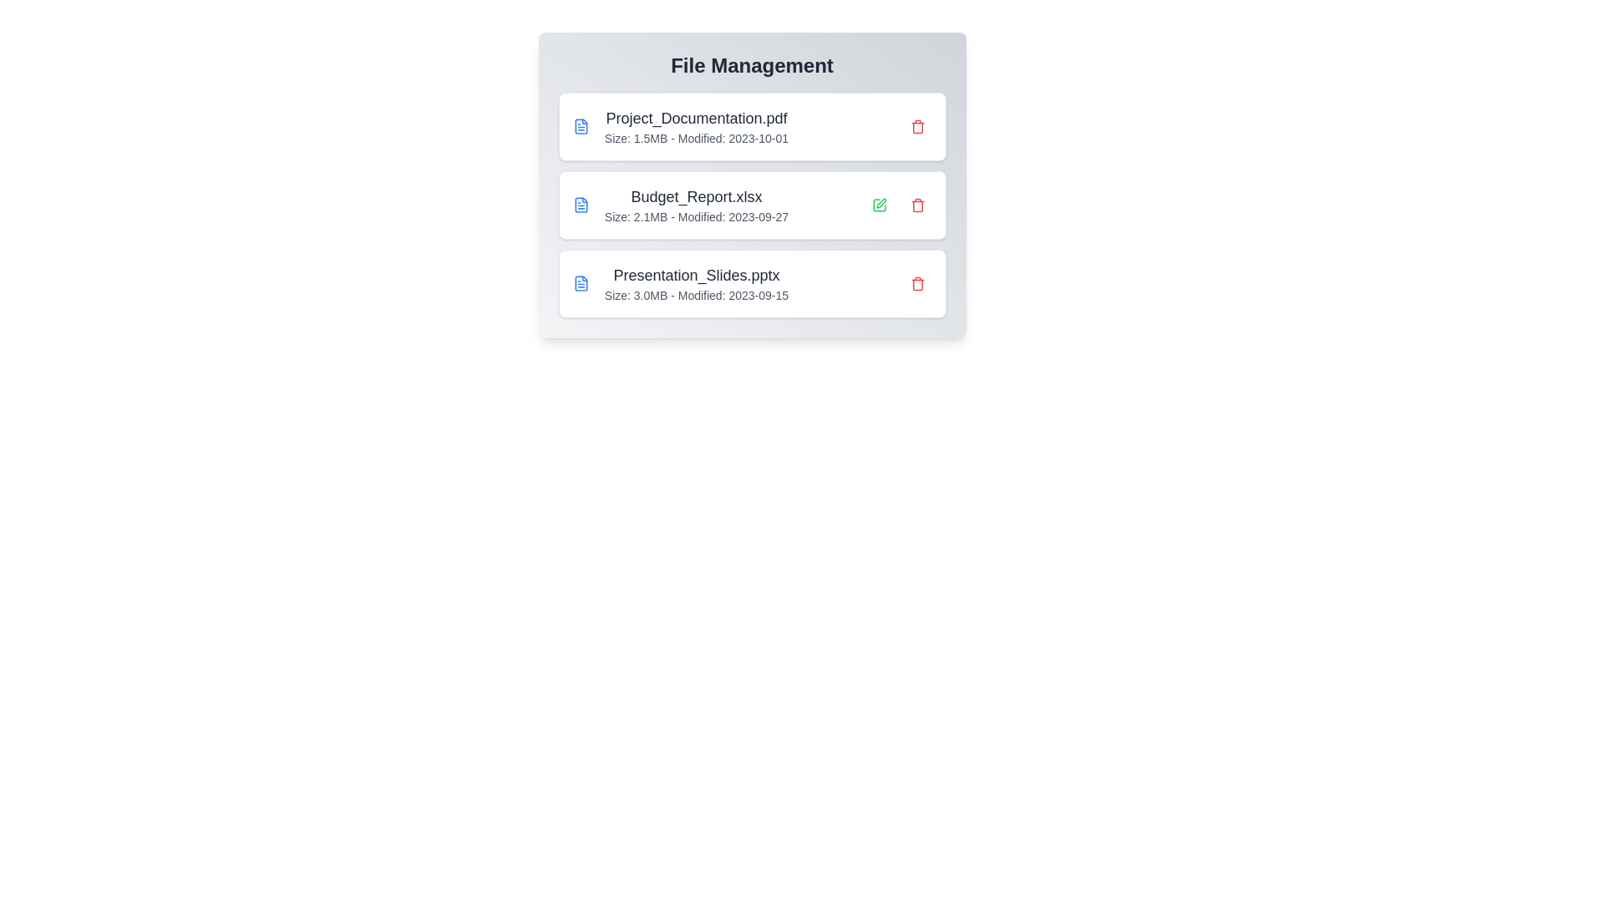 This screenshot has width=1604, height=902. What do you see at coordinates (916, 125) in the screenshot?
I see `the file Project_Documentation.pdf by clicking the delete button next to it` at bounding box center [916, 125].